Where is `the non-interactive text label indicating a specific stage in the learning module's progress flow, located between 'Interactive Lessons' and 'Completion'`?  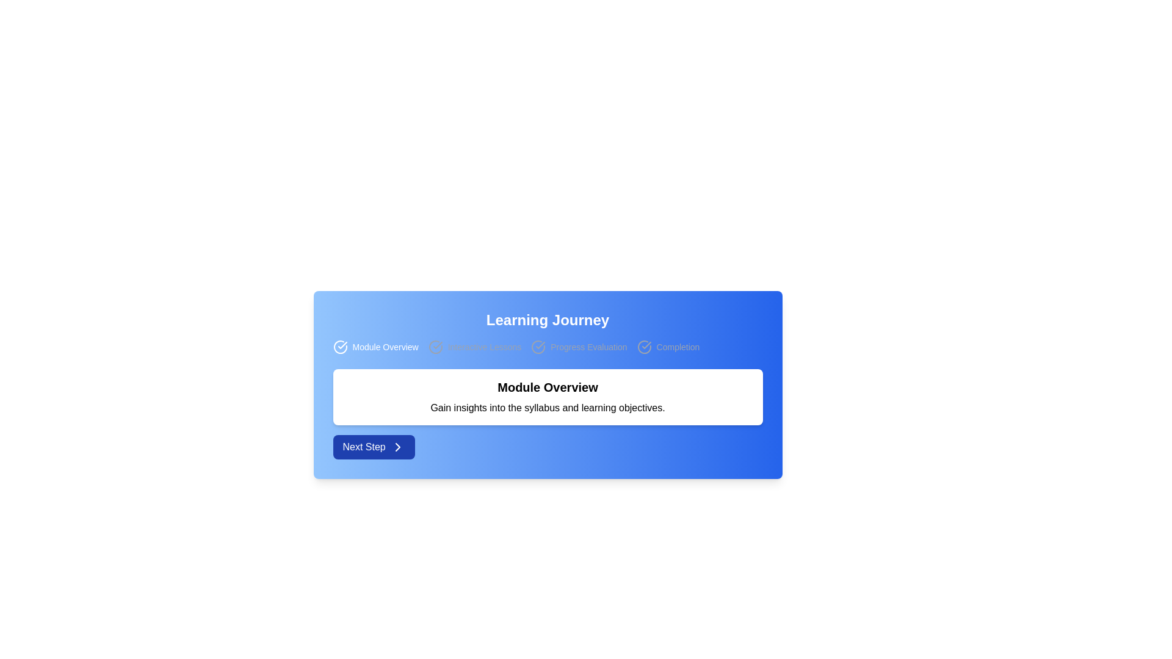 the non-interactive text label indicating a specific stage in the learning module's progress flow, located between 'Interactive Lessons' and 'Completion' is located at coordinates (588, 347).